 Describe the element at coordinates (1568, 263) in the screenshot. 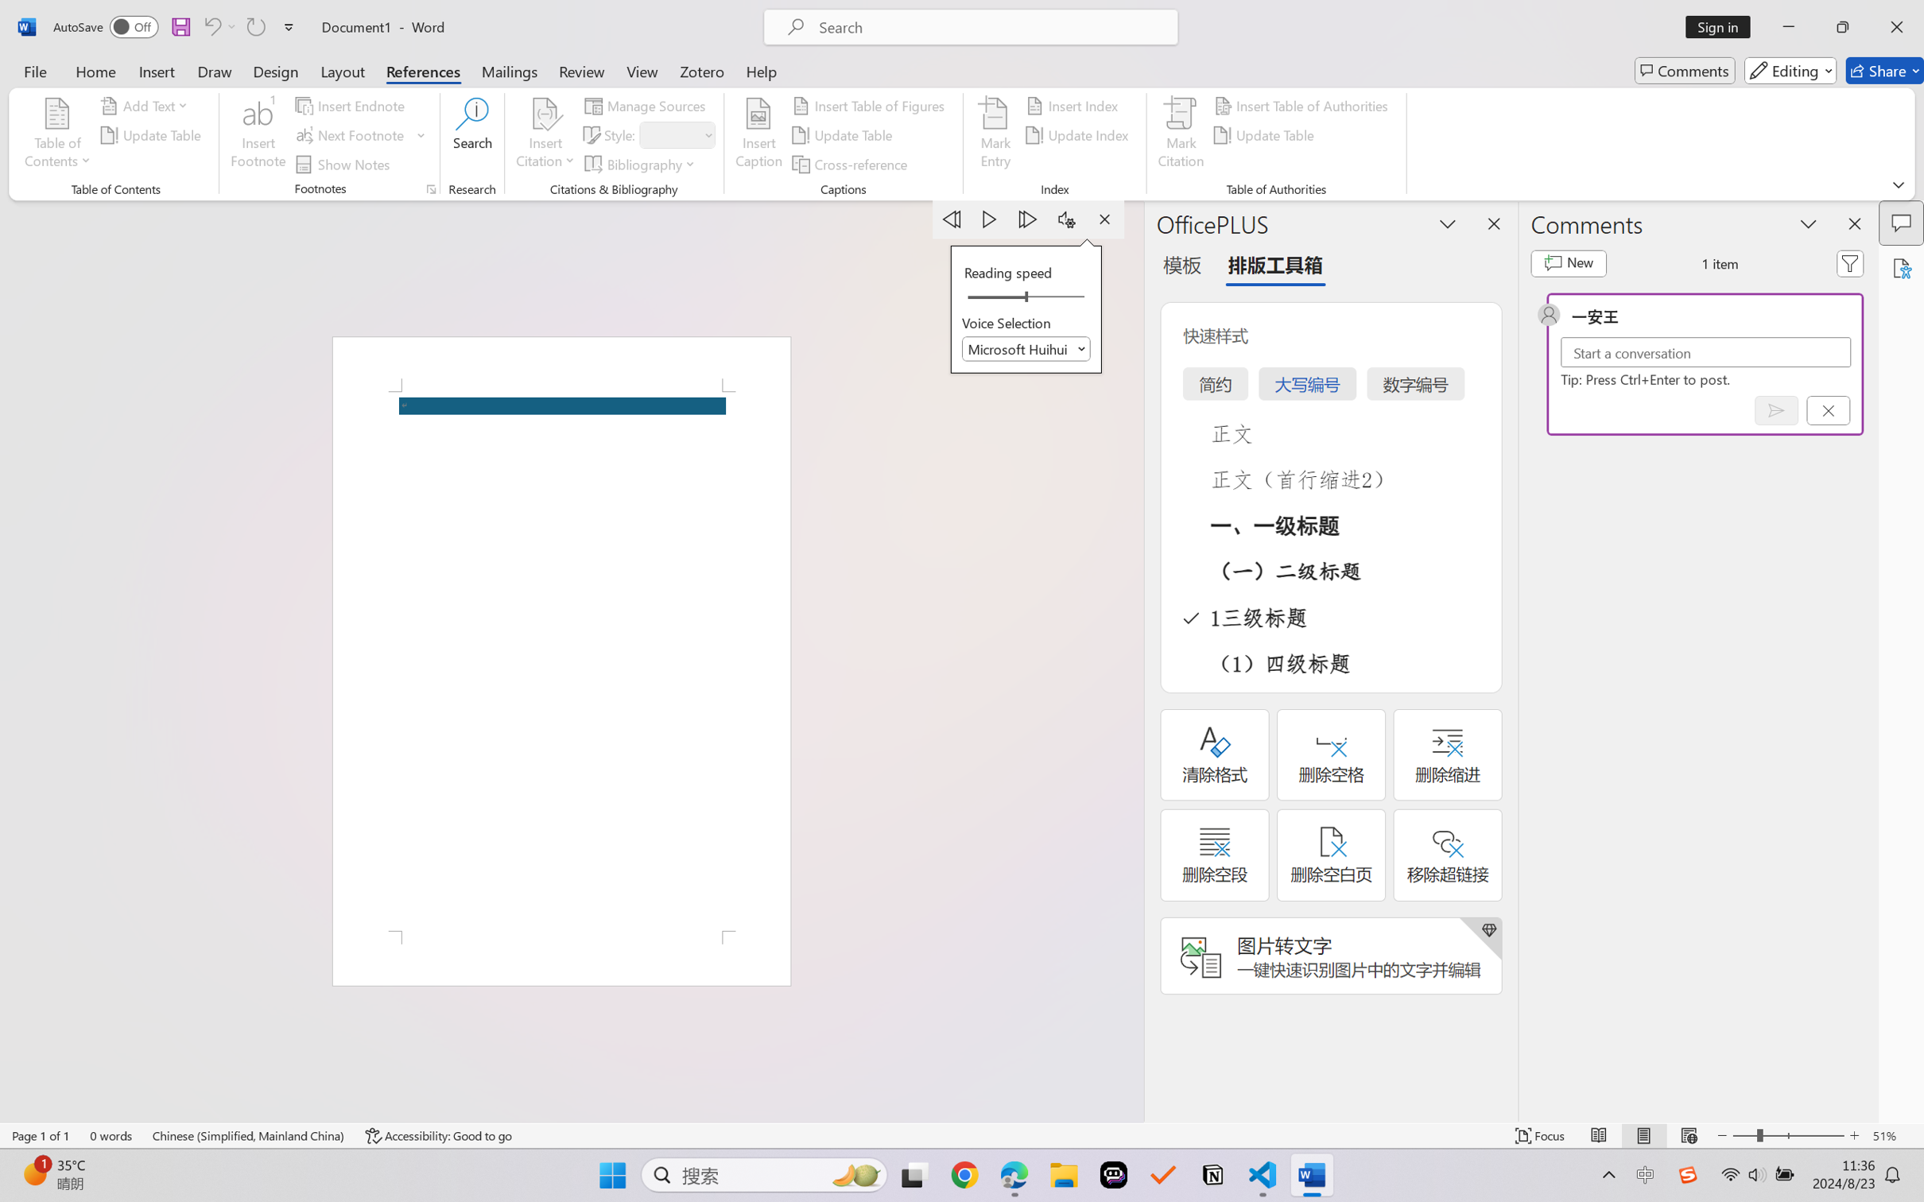

I see `'New comment'` at that location.